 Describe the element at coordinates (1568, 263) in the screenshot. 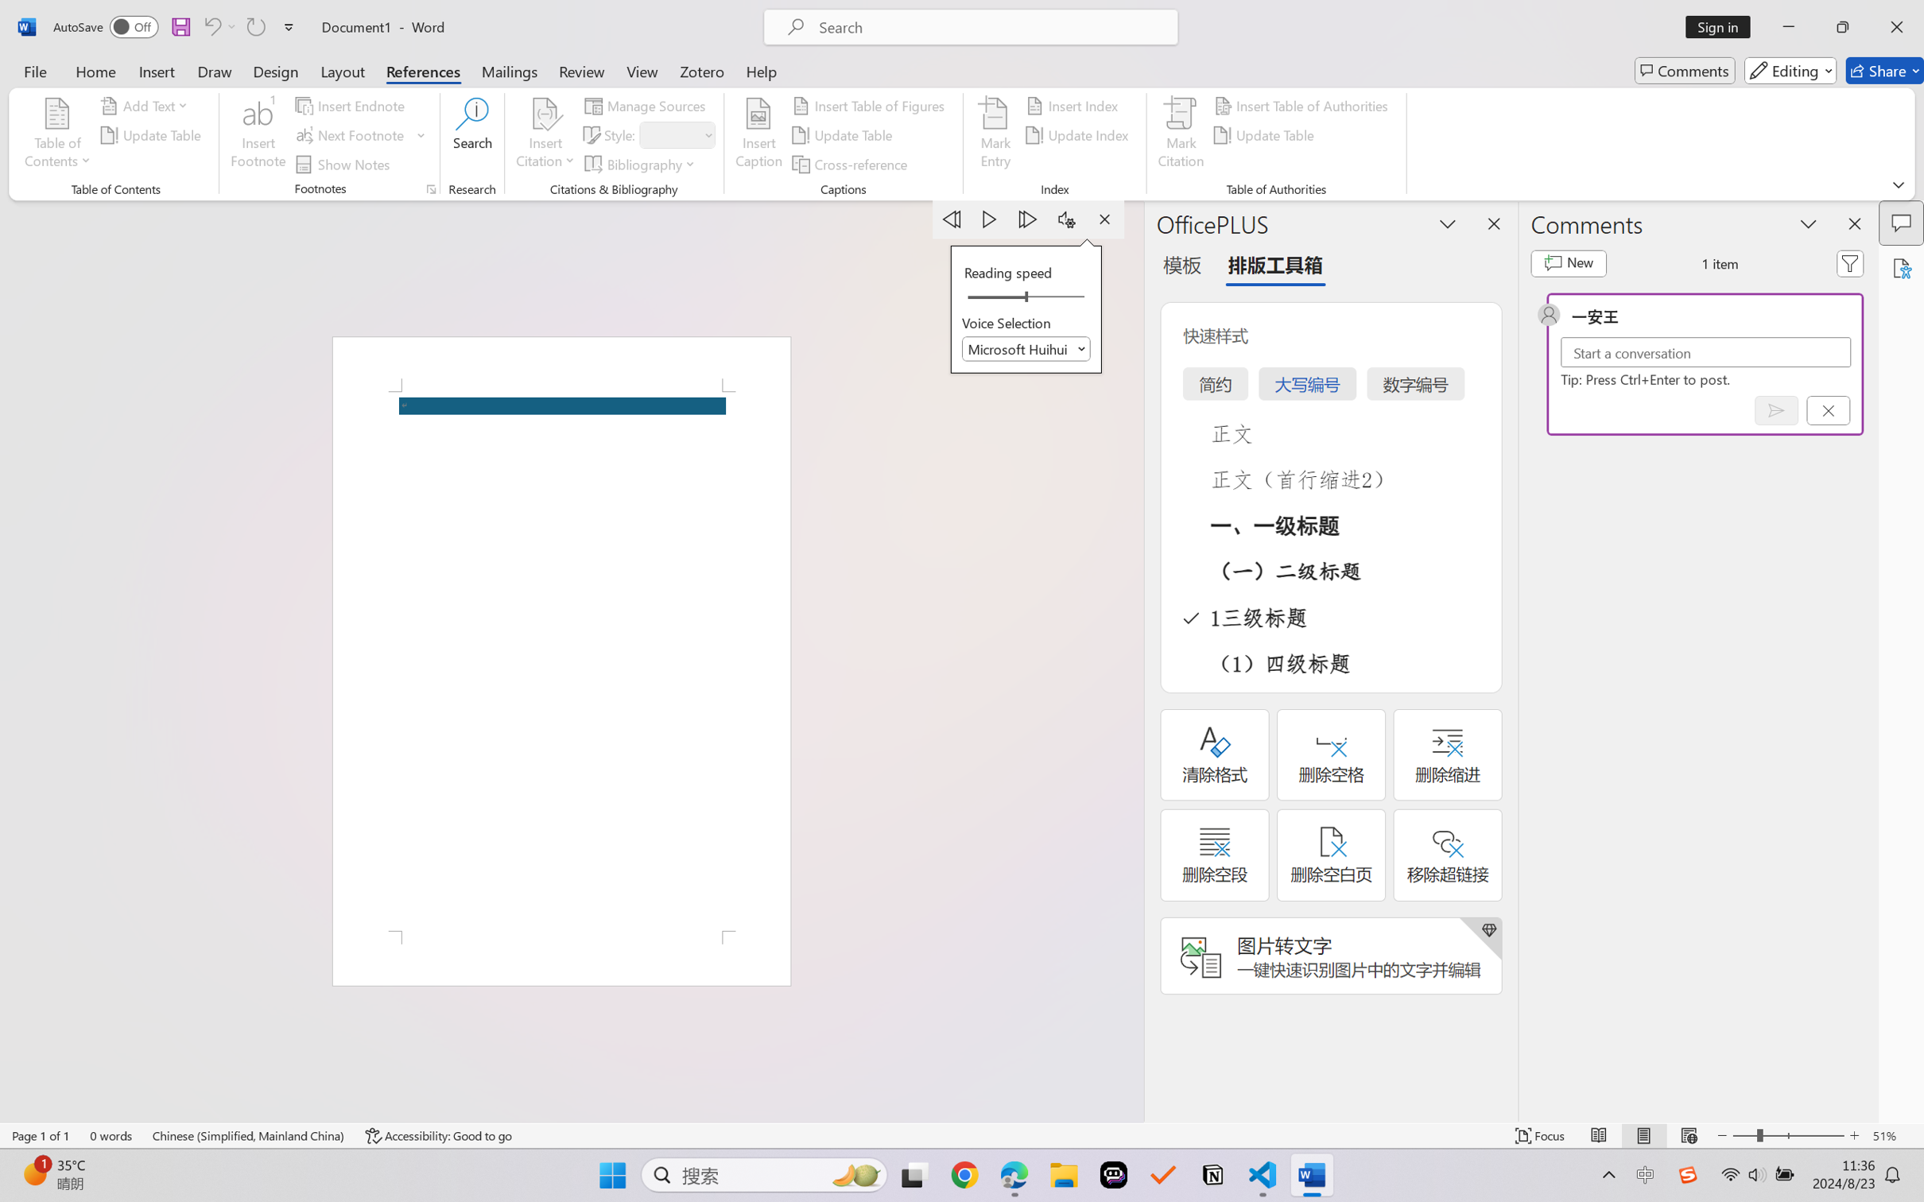

I see `'New comment'` at that location.